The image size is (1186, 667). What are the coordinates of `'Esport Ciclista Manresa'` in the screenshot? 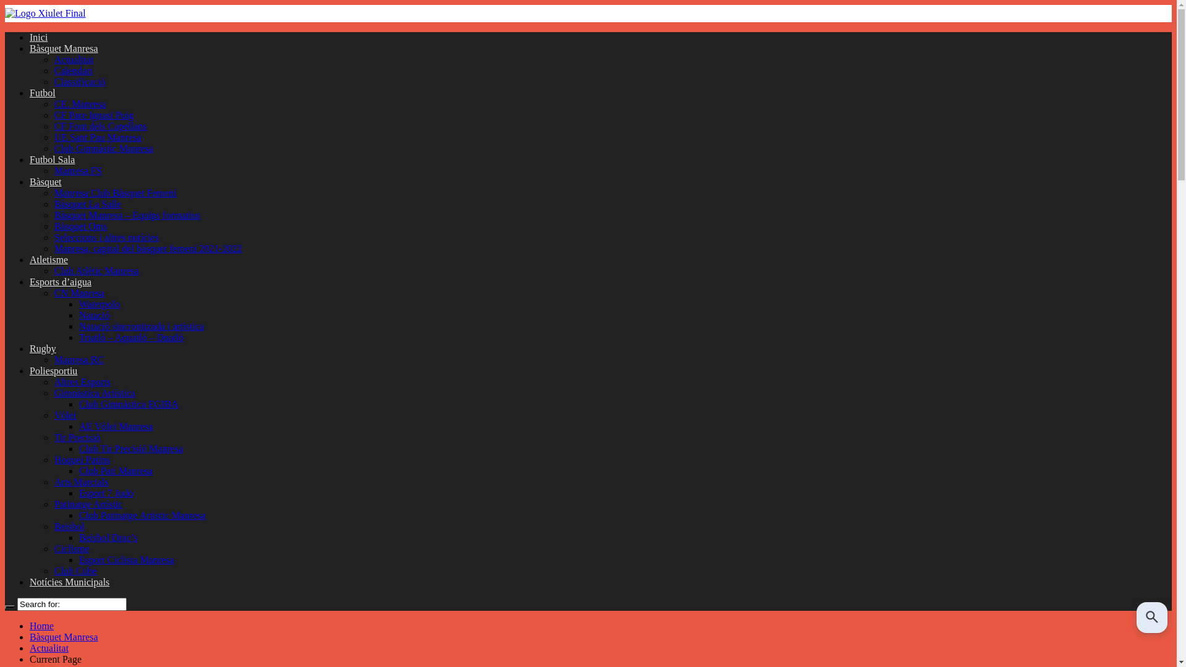 It's located at (127, 560).